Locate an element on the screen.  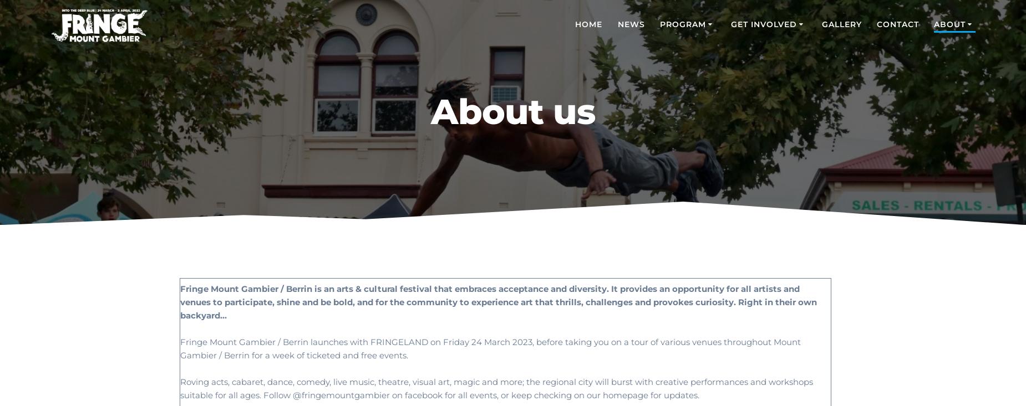
'CONTACT' is located at coordinates (897, 23).